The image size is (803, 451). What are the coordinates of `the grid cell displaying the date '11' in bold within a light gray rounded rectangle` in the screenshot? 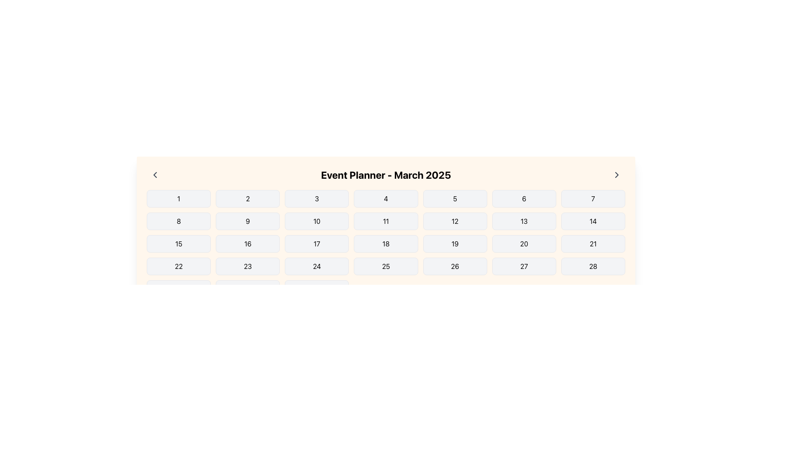 It's located at (385, 220).